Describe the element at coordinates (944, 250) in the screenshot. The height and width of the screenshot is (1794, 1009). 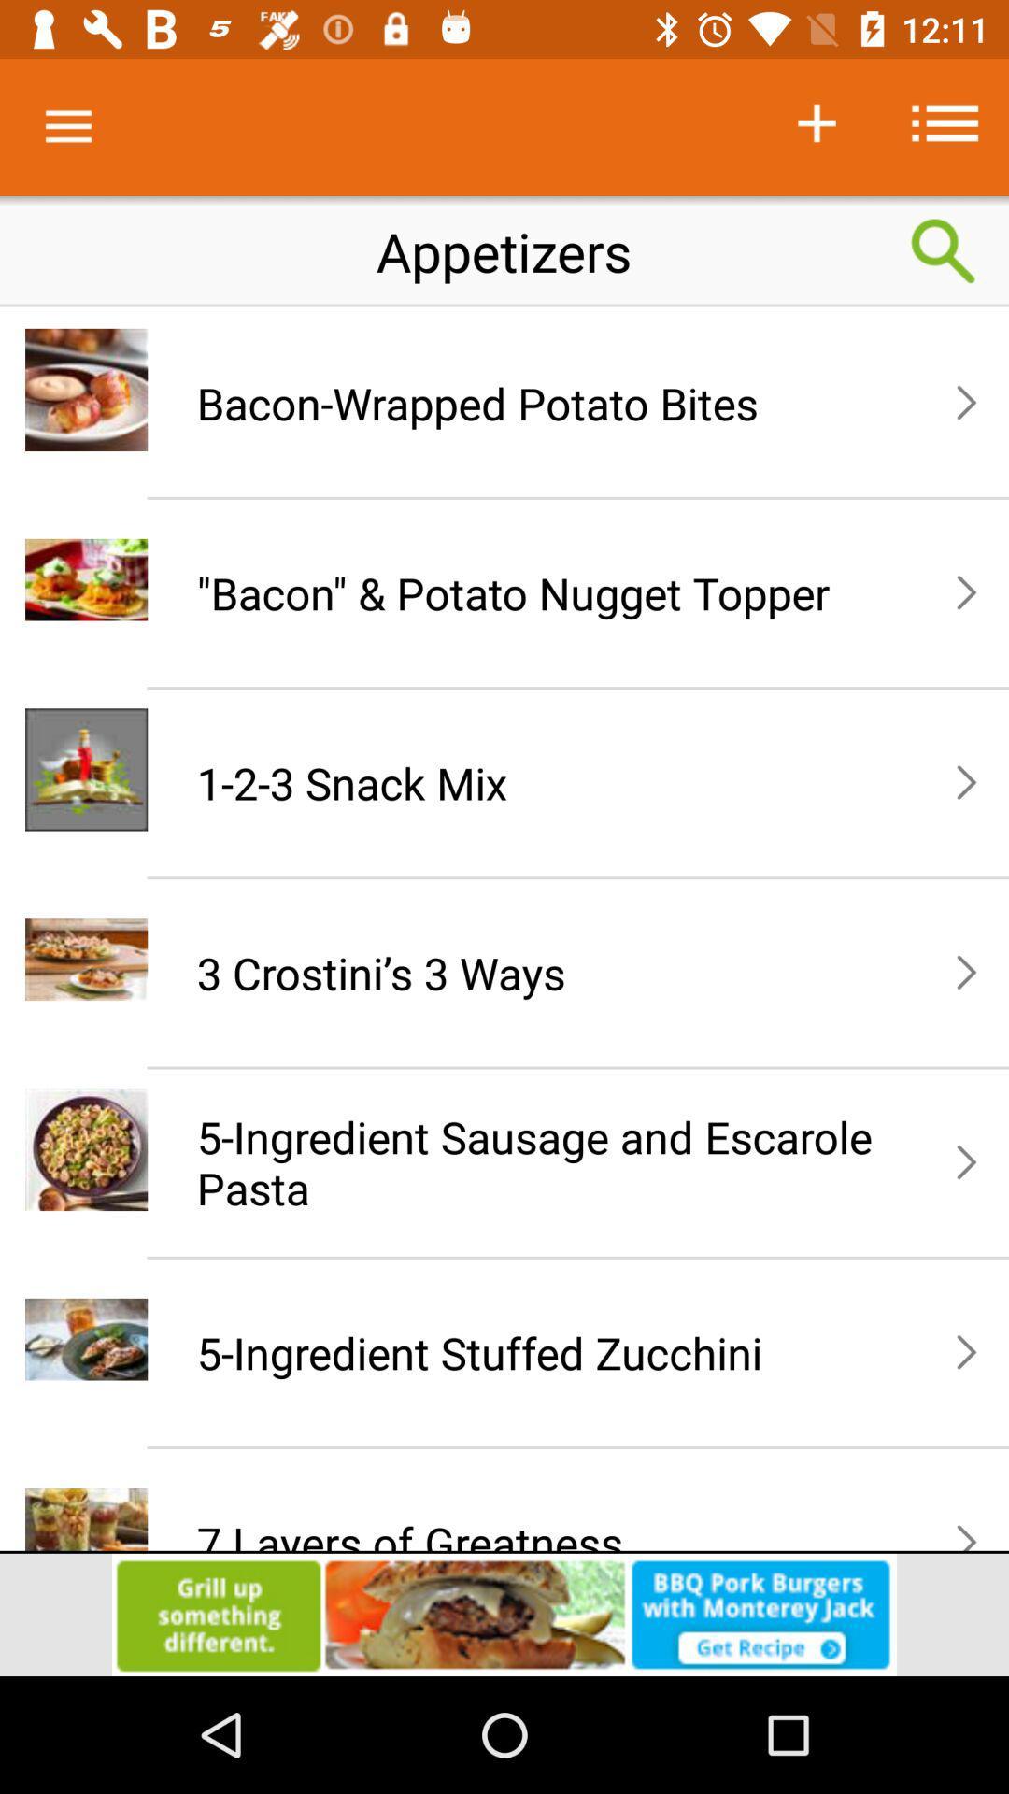
I see `the search icon` at that location.